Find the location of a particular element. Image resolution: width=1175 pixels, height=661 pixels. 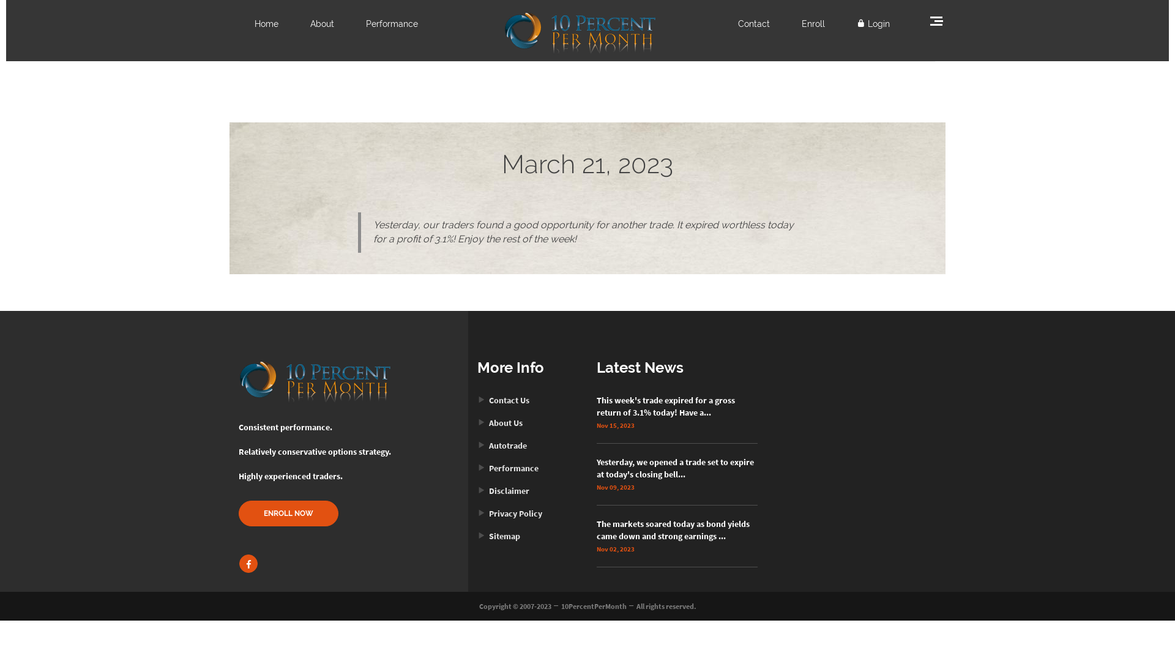

'Enroll' is located at coordinates (813, 23).